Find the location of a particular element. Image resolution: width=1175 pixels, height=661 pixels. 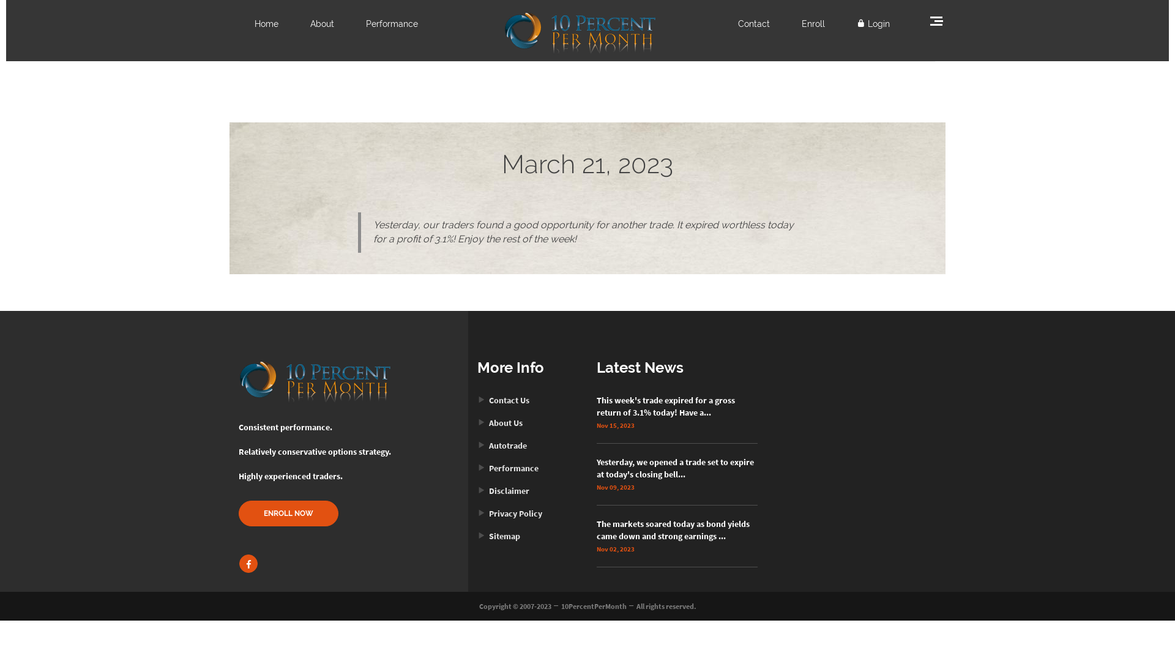

'Enroll' is located at coordinates (813, 23).